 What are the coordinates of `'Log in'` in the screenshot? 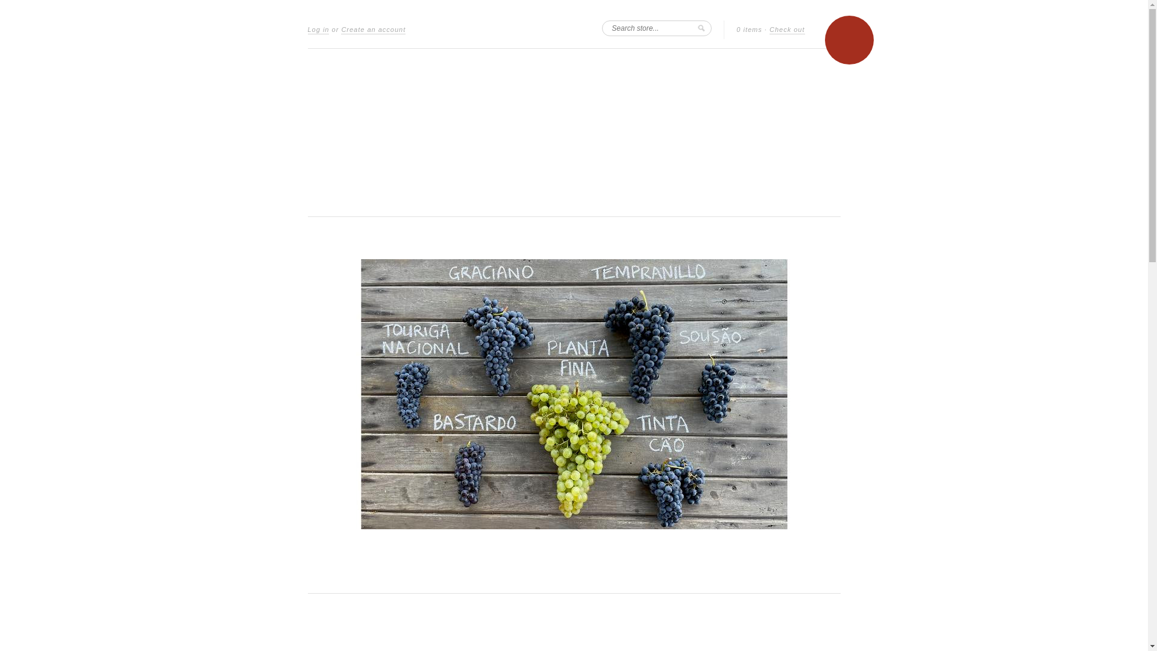 It's located at (318, 30).